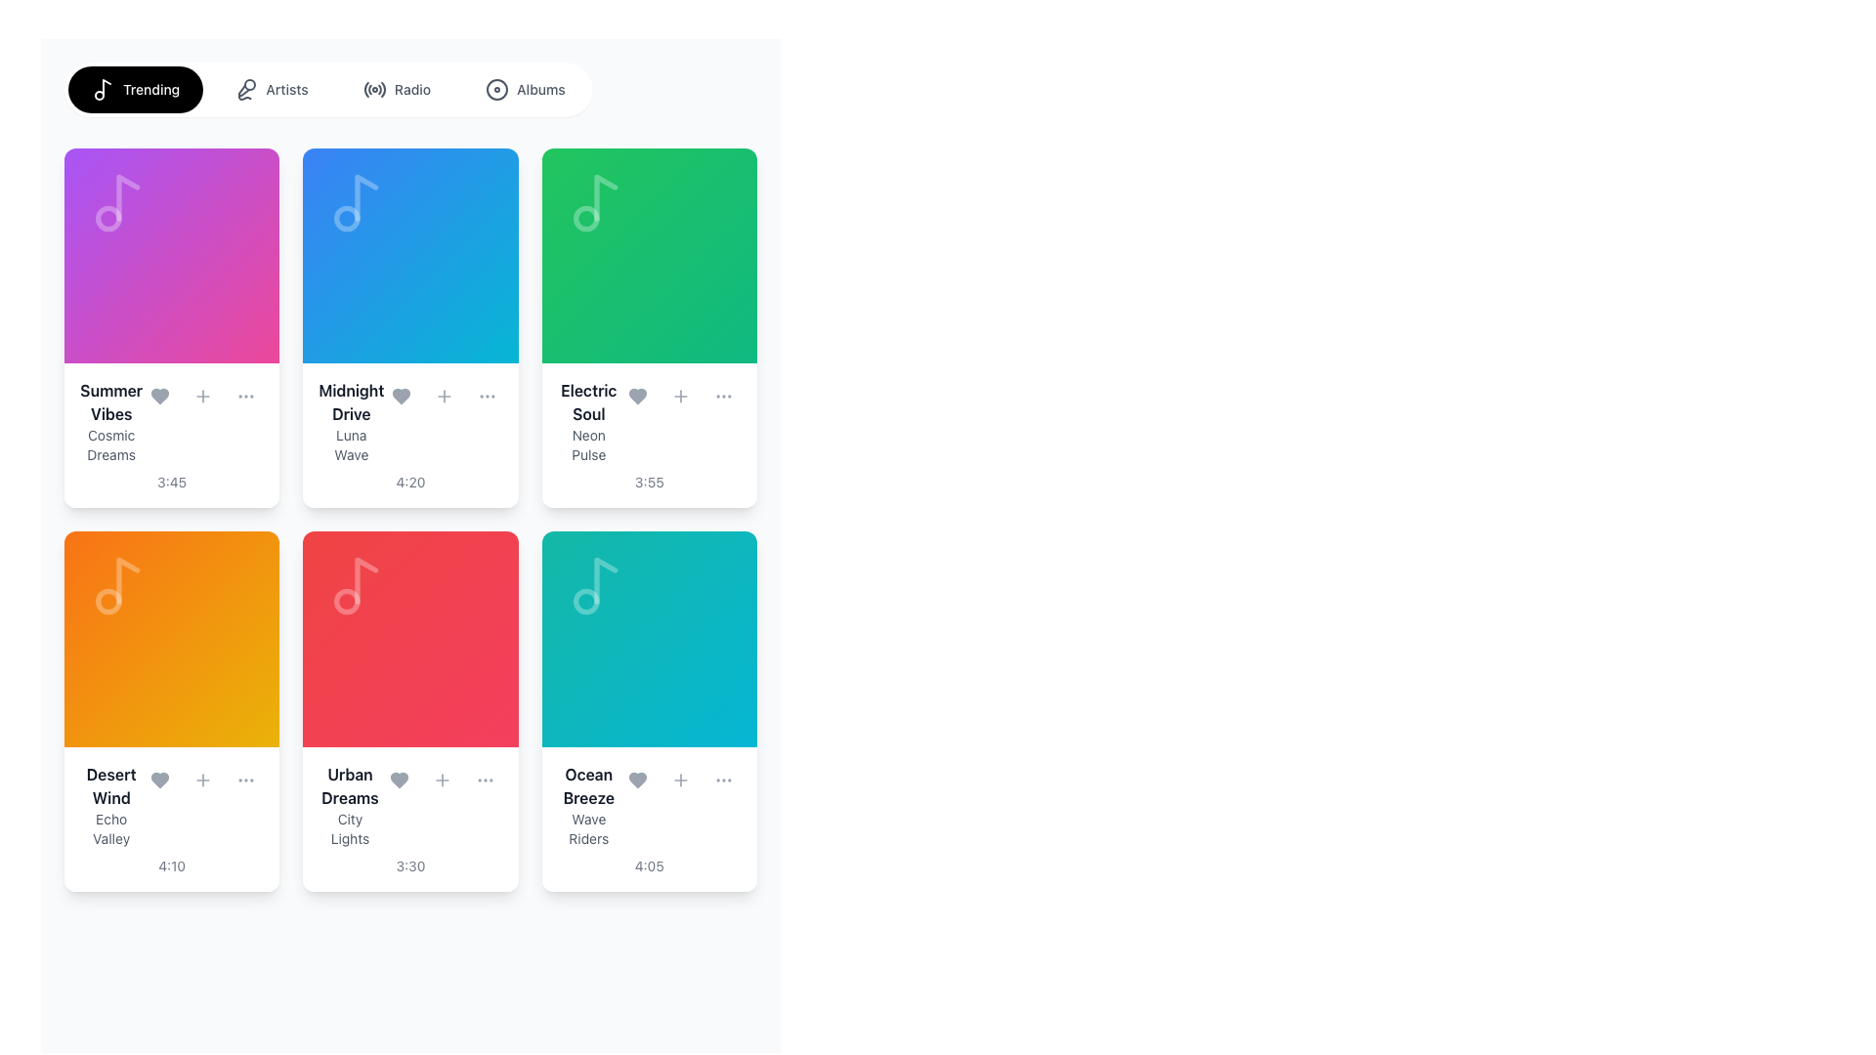 This screenshot has height=1055, width=1876. I want to click on the heart icon, which serves as a 'like' or 'favorite' button, located in the bottom section of the 'Ocean Breeze' card, so click(637, 779).